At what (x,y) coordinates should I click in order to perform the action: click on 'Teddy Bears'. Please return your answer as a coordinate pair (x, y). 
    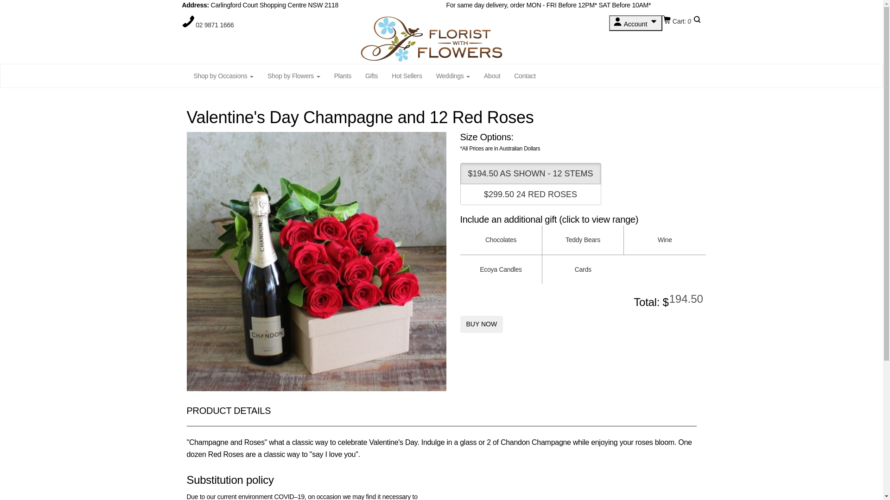
    Looking at the image, I should click on (582, 239).